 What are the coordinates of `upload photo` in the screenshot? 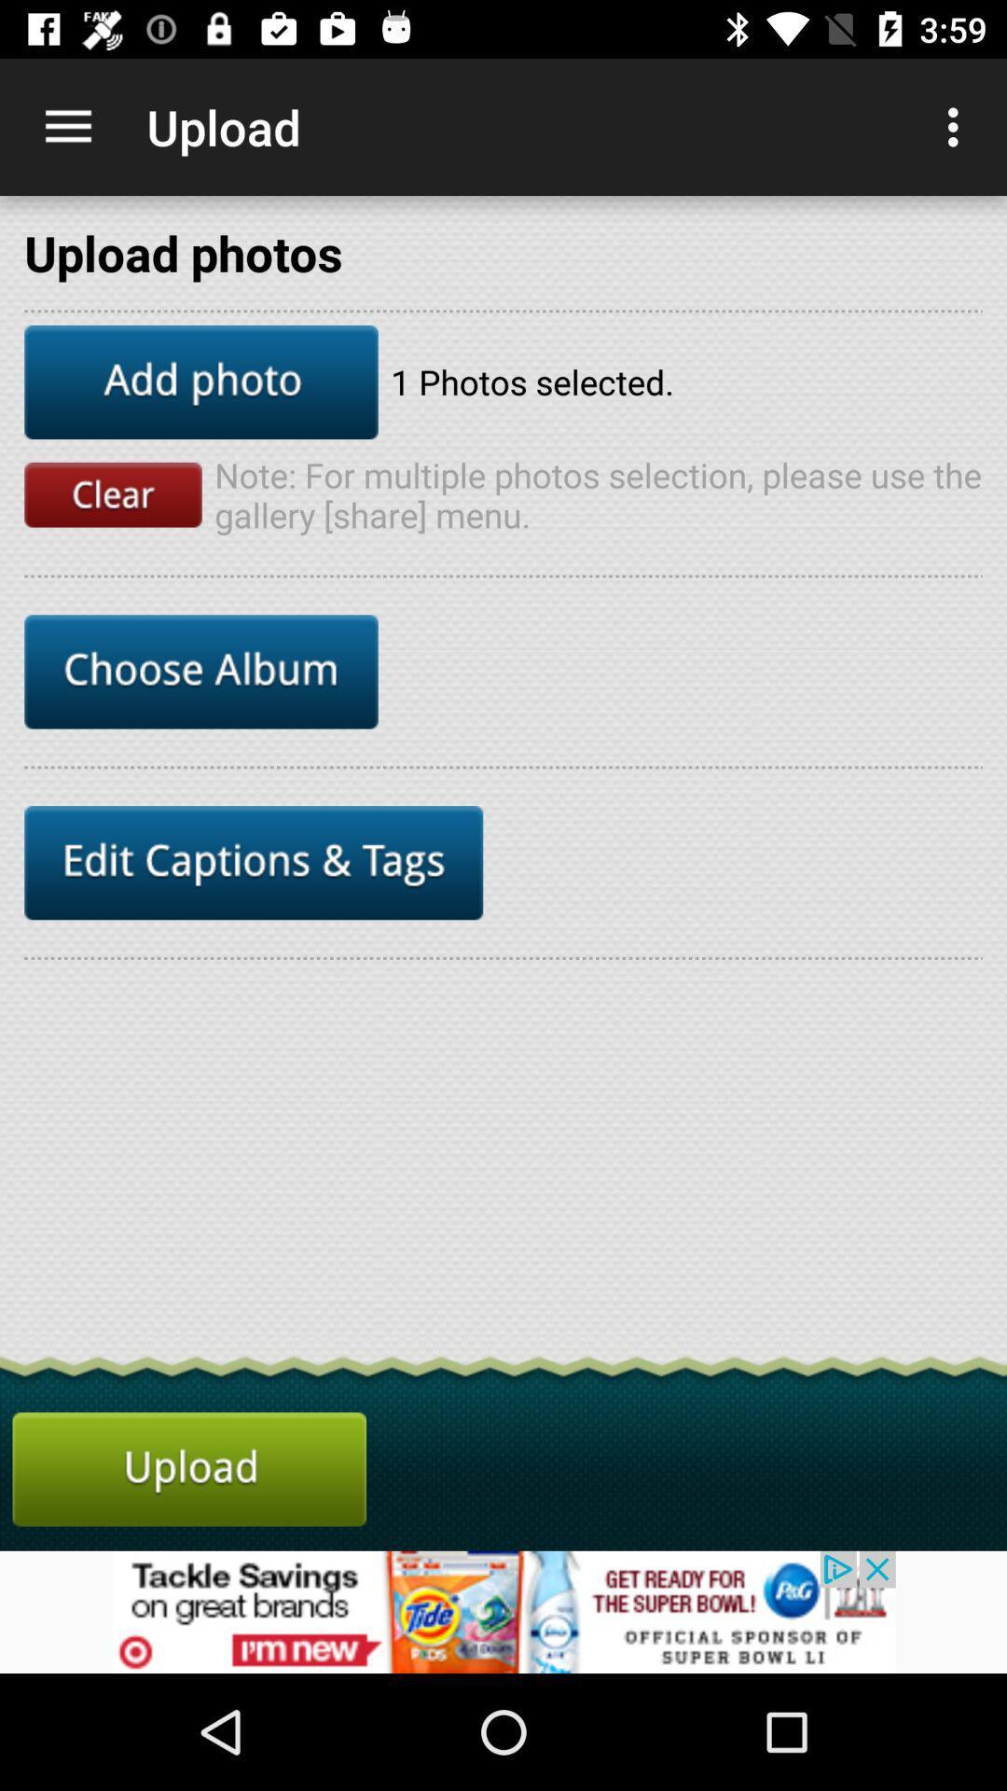 It's located at (189, 1468).